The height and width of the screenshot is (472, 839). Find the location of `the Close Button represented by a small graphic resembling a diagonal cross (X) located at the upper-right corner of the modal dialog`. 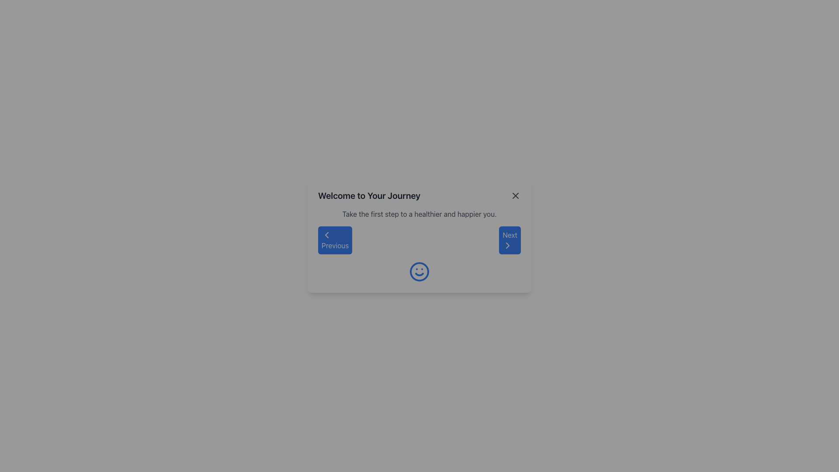

the Close Button represented by a small graphic resembling a diagonal cross (X) located at the upper-right corner of the modal dialog is located at coordinates (516, 195).